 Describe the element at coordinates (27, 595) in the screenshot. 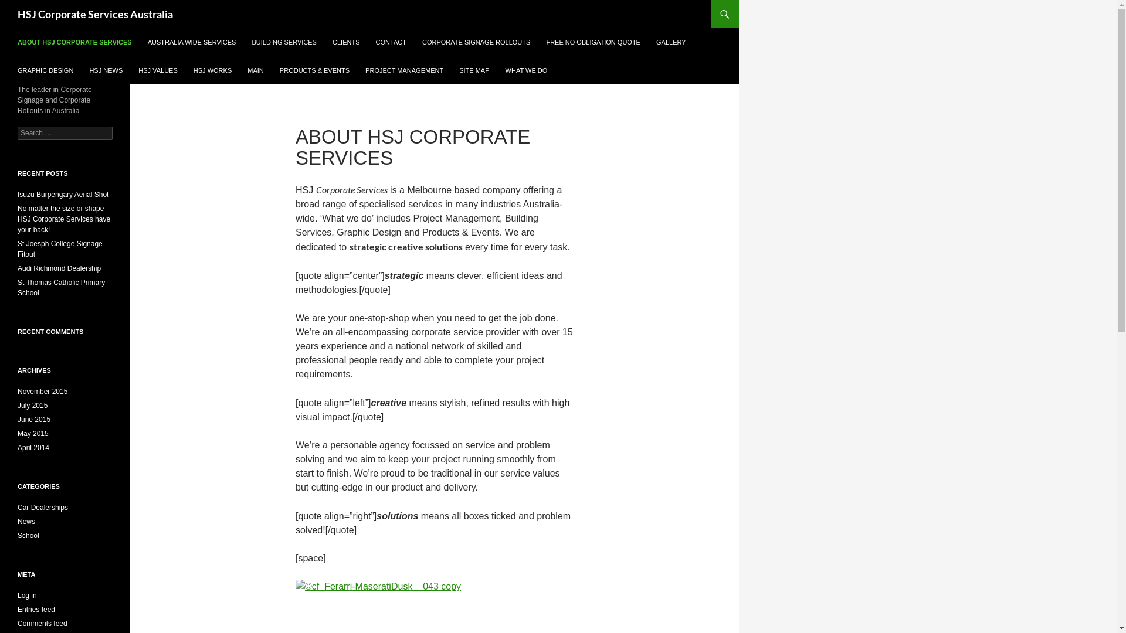

I see `'Log in'` at that location.